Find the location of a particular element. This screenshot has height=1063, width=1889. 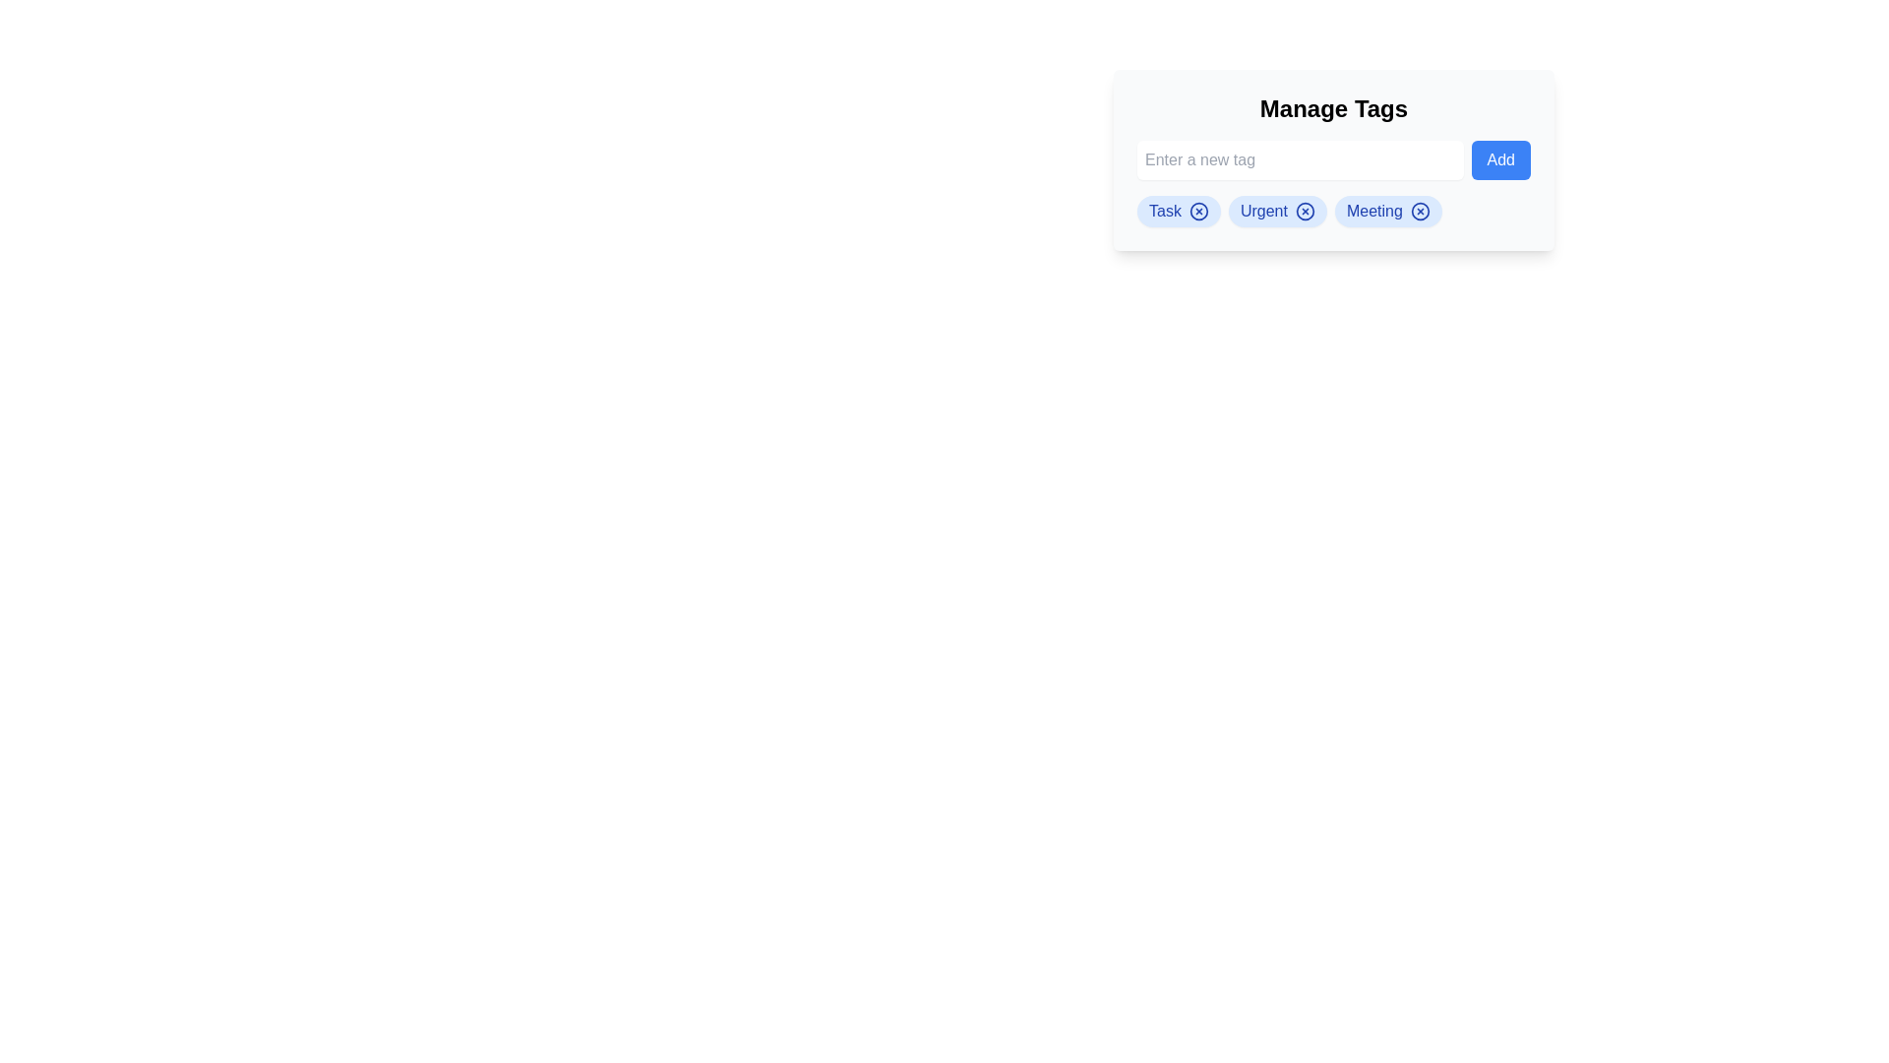

the 'Meeting' text label, which is styled with blue text on a light-blue rounded background is located at coordinates (1373, 212).